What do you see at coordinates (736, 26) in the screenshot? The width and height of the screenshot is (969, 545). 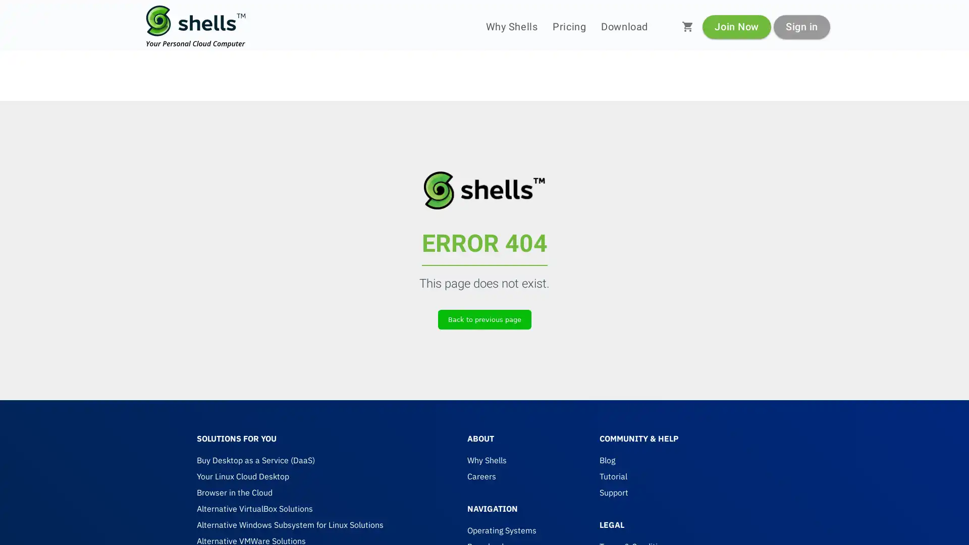 I see `Join Now` at bounding box center [736, 26].